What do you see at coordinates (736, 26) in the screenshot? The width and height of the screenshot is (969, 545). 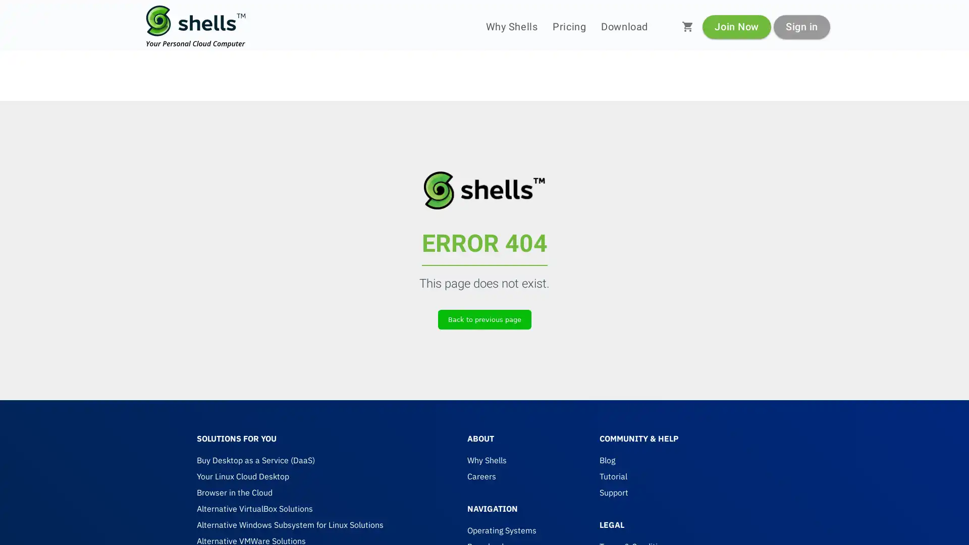 I see `Join Now` at bounding box center [736, 26].